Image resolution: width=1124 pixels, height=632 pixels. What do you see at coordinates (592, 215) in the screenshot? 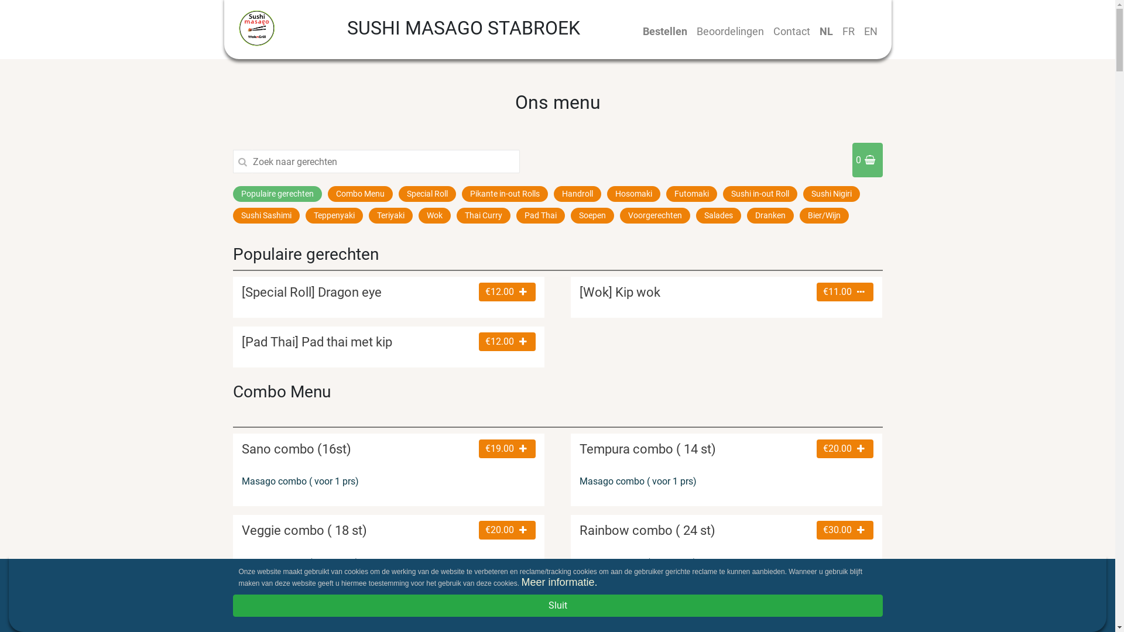
I see `'Soepen'` at bounding box center [592, 215].